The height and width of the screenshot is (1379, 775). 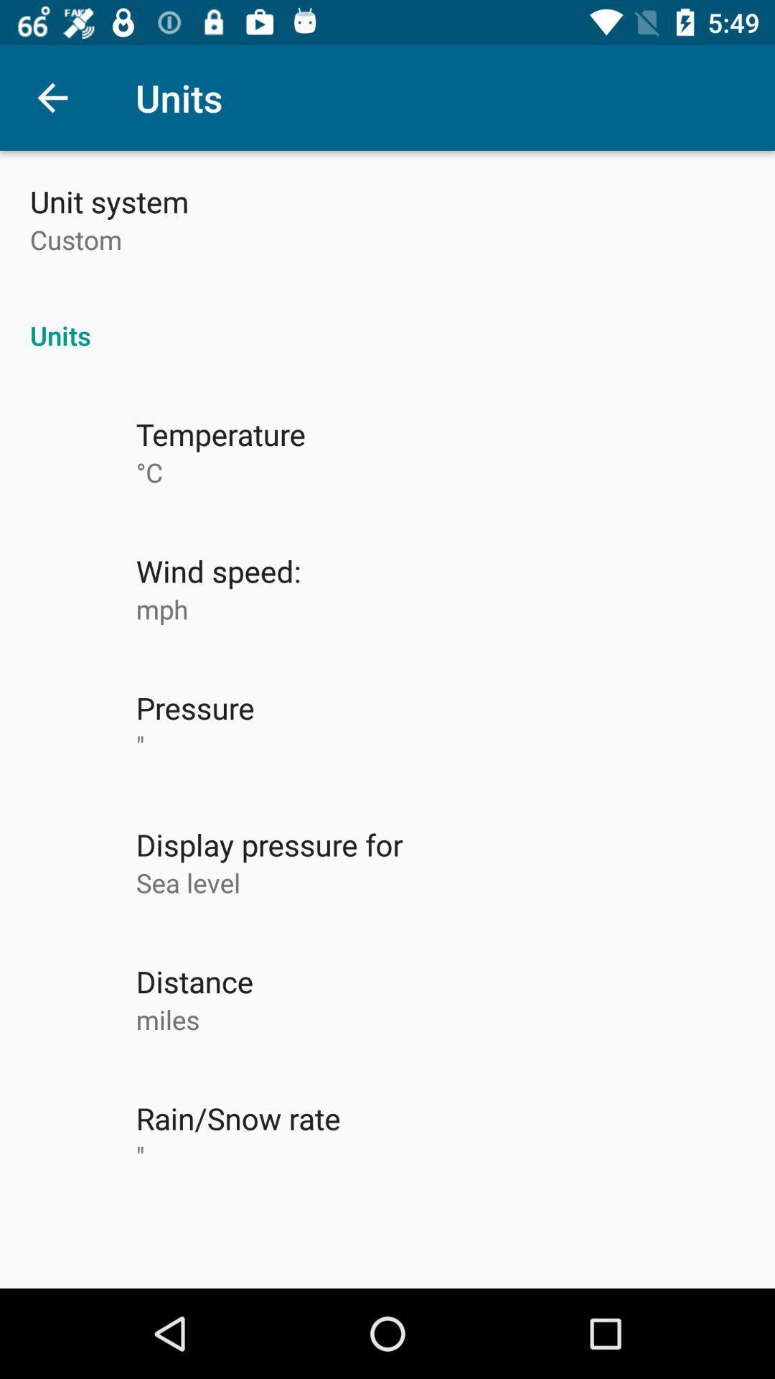 What do you see at coordinates (52, 97) in the screenshot?
I see `icon to the left of the units item` at bounding box center [52, 97].